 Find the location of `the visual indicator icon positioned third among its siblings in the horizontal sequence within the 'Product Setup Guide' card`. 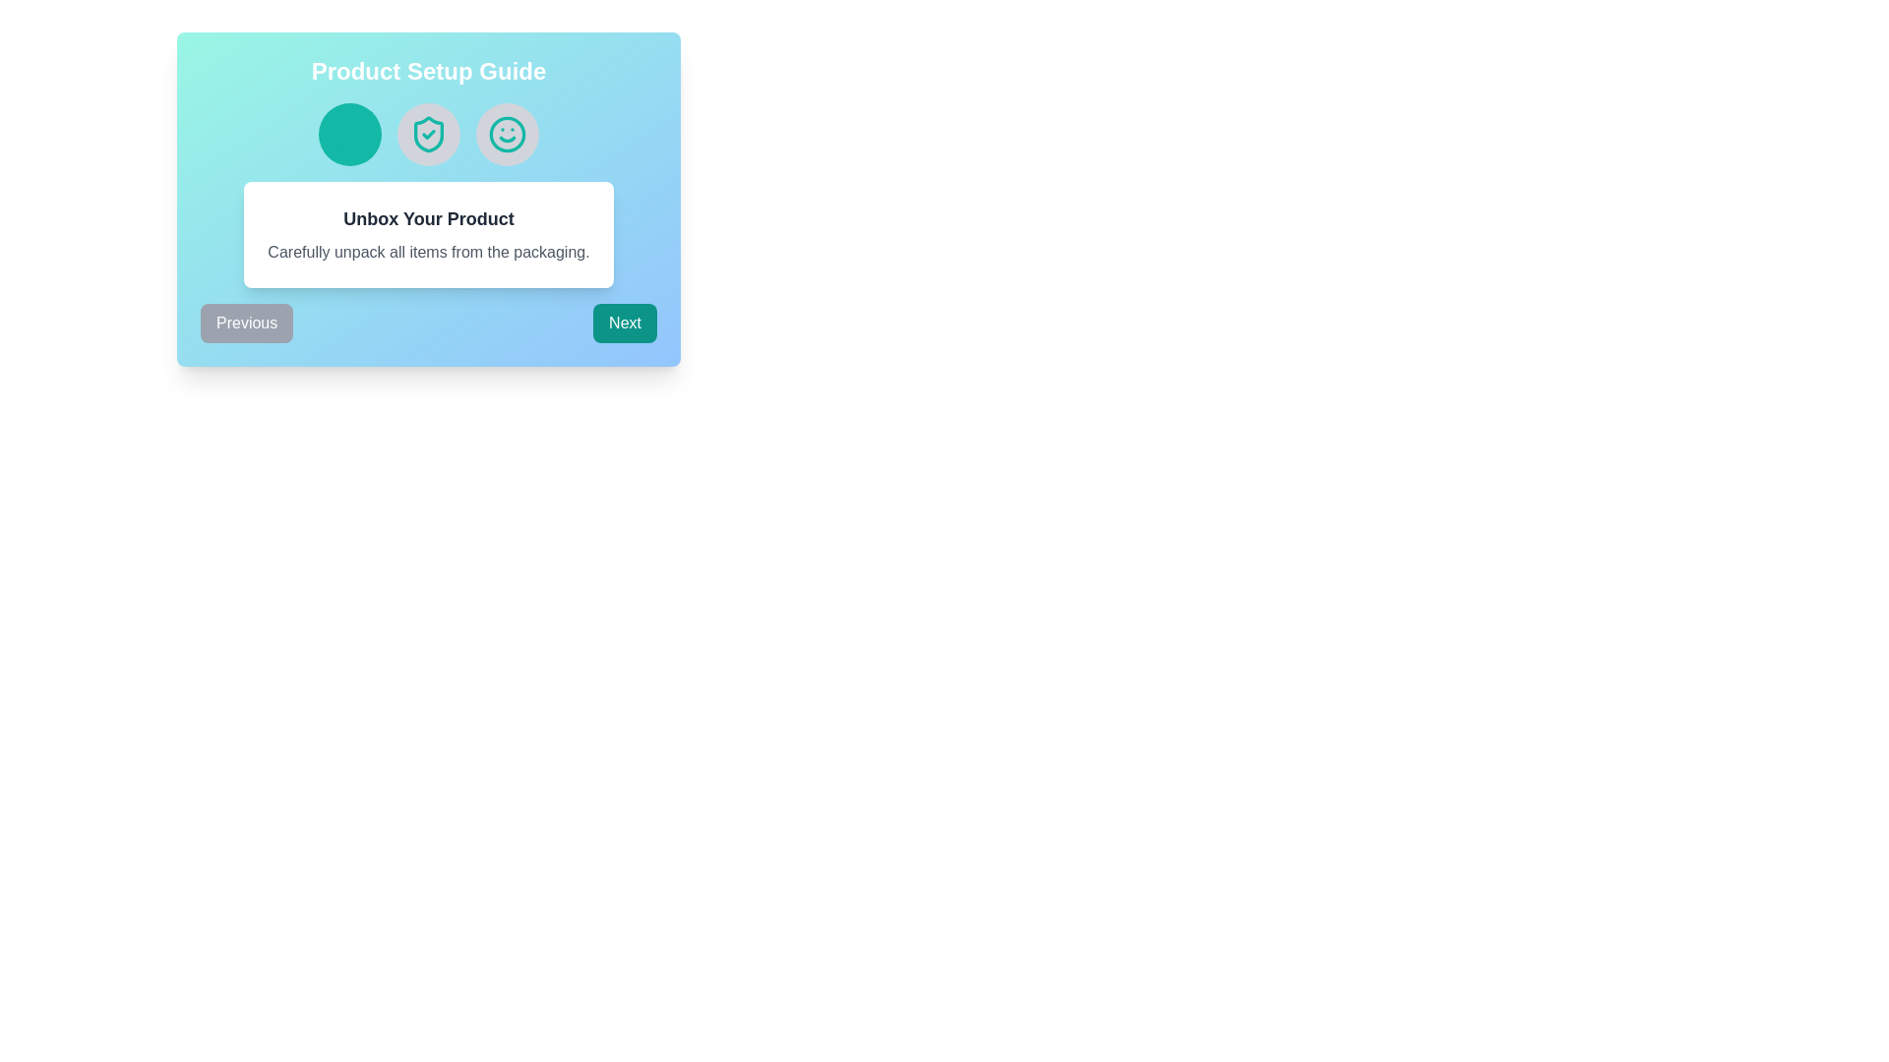

the visual indicator icon positioned third among its siblings in the horizontal sequence within the 'Product Setup Guide' card is located at coordinates (507, 134).